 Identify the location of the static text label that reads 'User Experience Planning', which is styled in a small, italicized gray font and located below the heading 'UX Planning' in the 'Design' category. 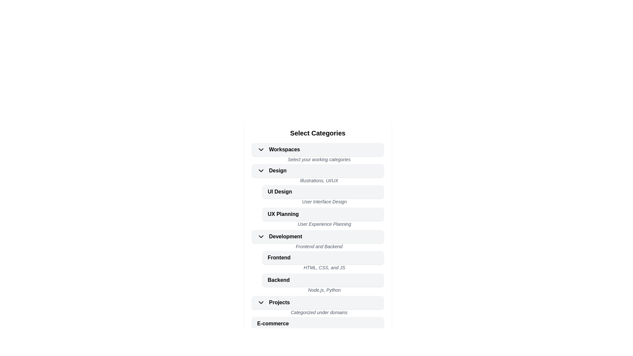
(323, 224).